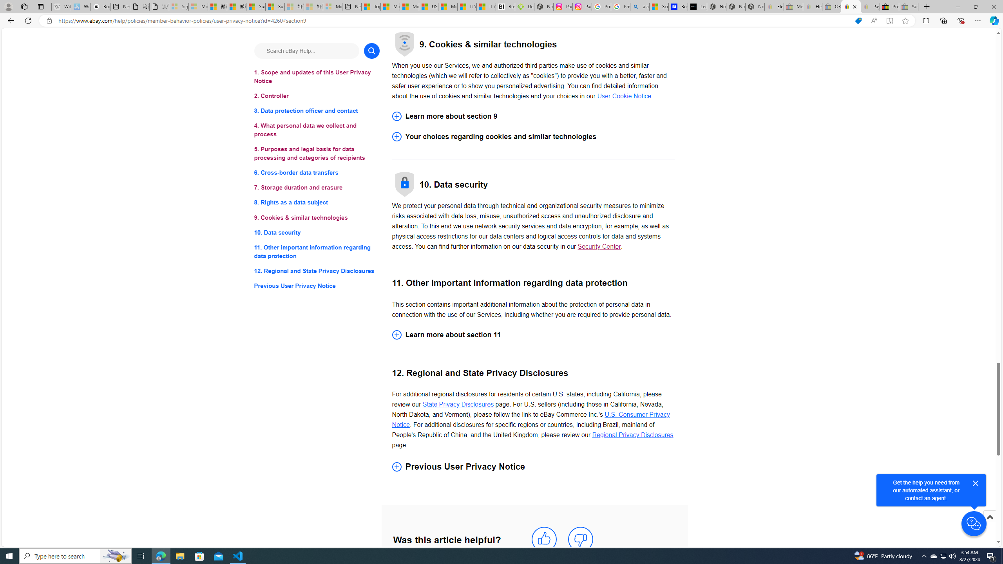  Describe the element at coordinates (989, 516) in the screenshot. I see `'Scroll to top'` at that location.